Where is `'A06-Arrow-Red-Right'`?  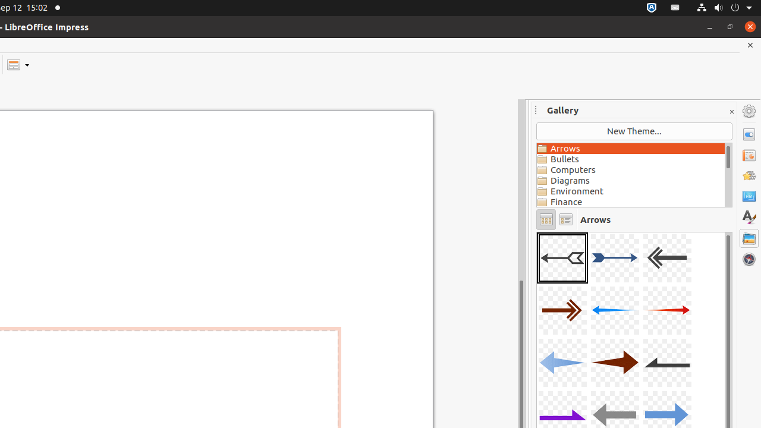
'A06-Arrow-Red-Right' is located at coordinates (667, 310).